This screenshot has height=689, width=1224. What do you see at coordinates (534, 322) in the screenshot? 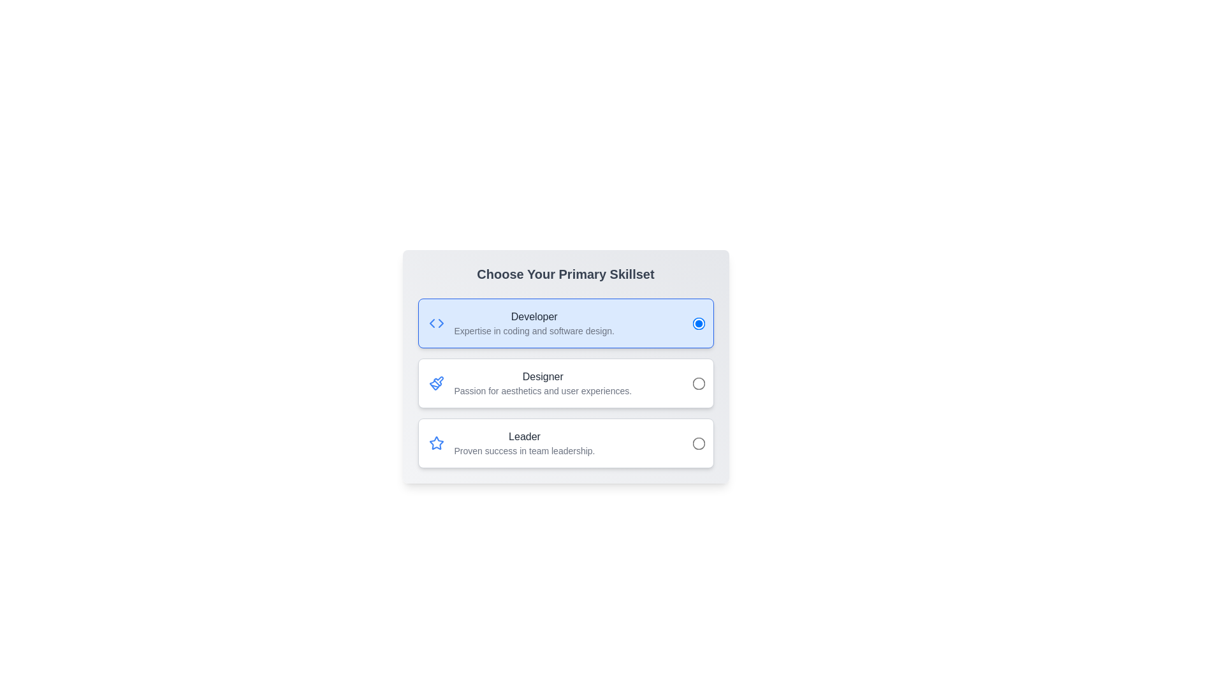
I see `contents of the text block that describes the first skill option, 'Developer', which includes expertise in coding and software design` at bounding box center [534, 322].